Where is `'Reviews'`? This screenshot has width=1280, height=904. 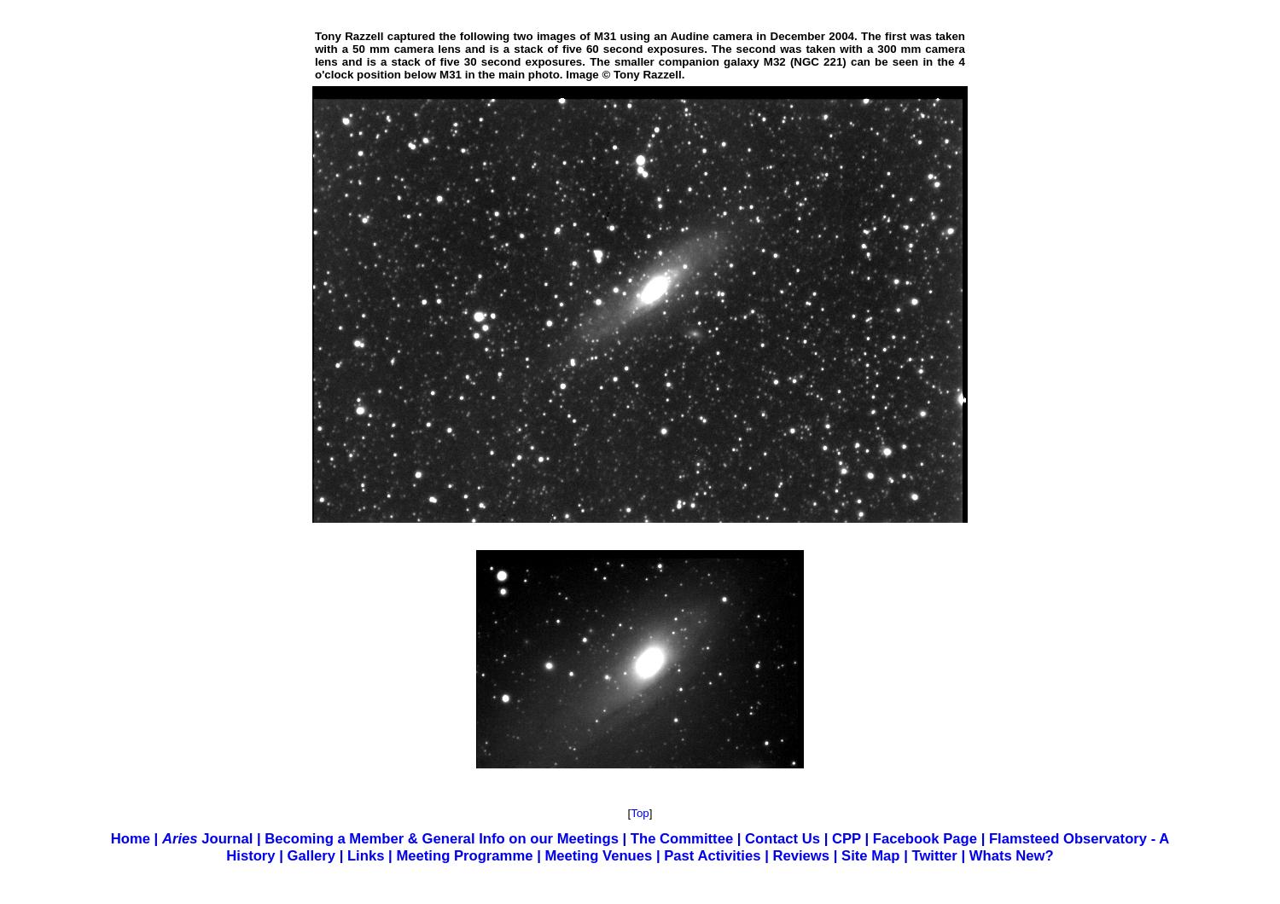 'Reviews' is located at coordinates (771, 855).